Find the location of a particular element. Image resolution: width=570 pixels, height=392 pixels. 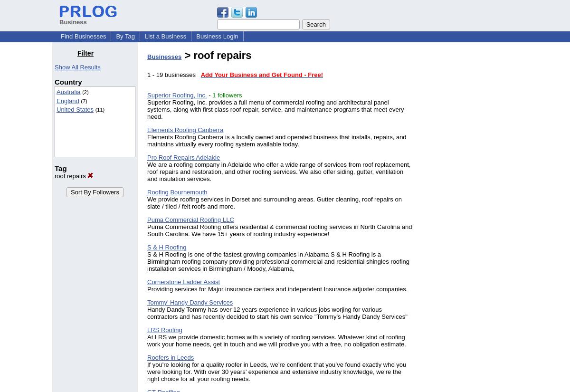

'By Tag' is located at coordinates (124, 36).